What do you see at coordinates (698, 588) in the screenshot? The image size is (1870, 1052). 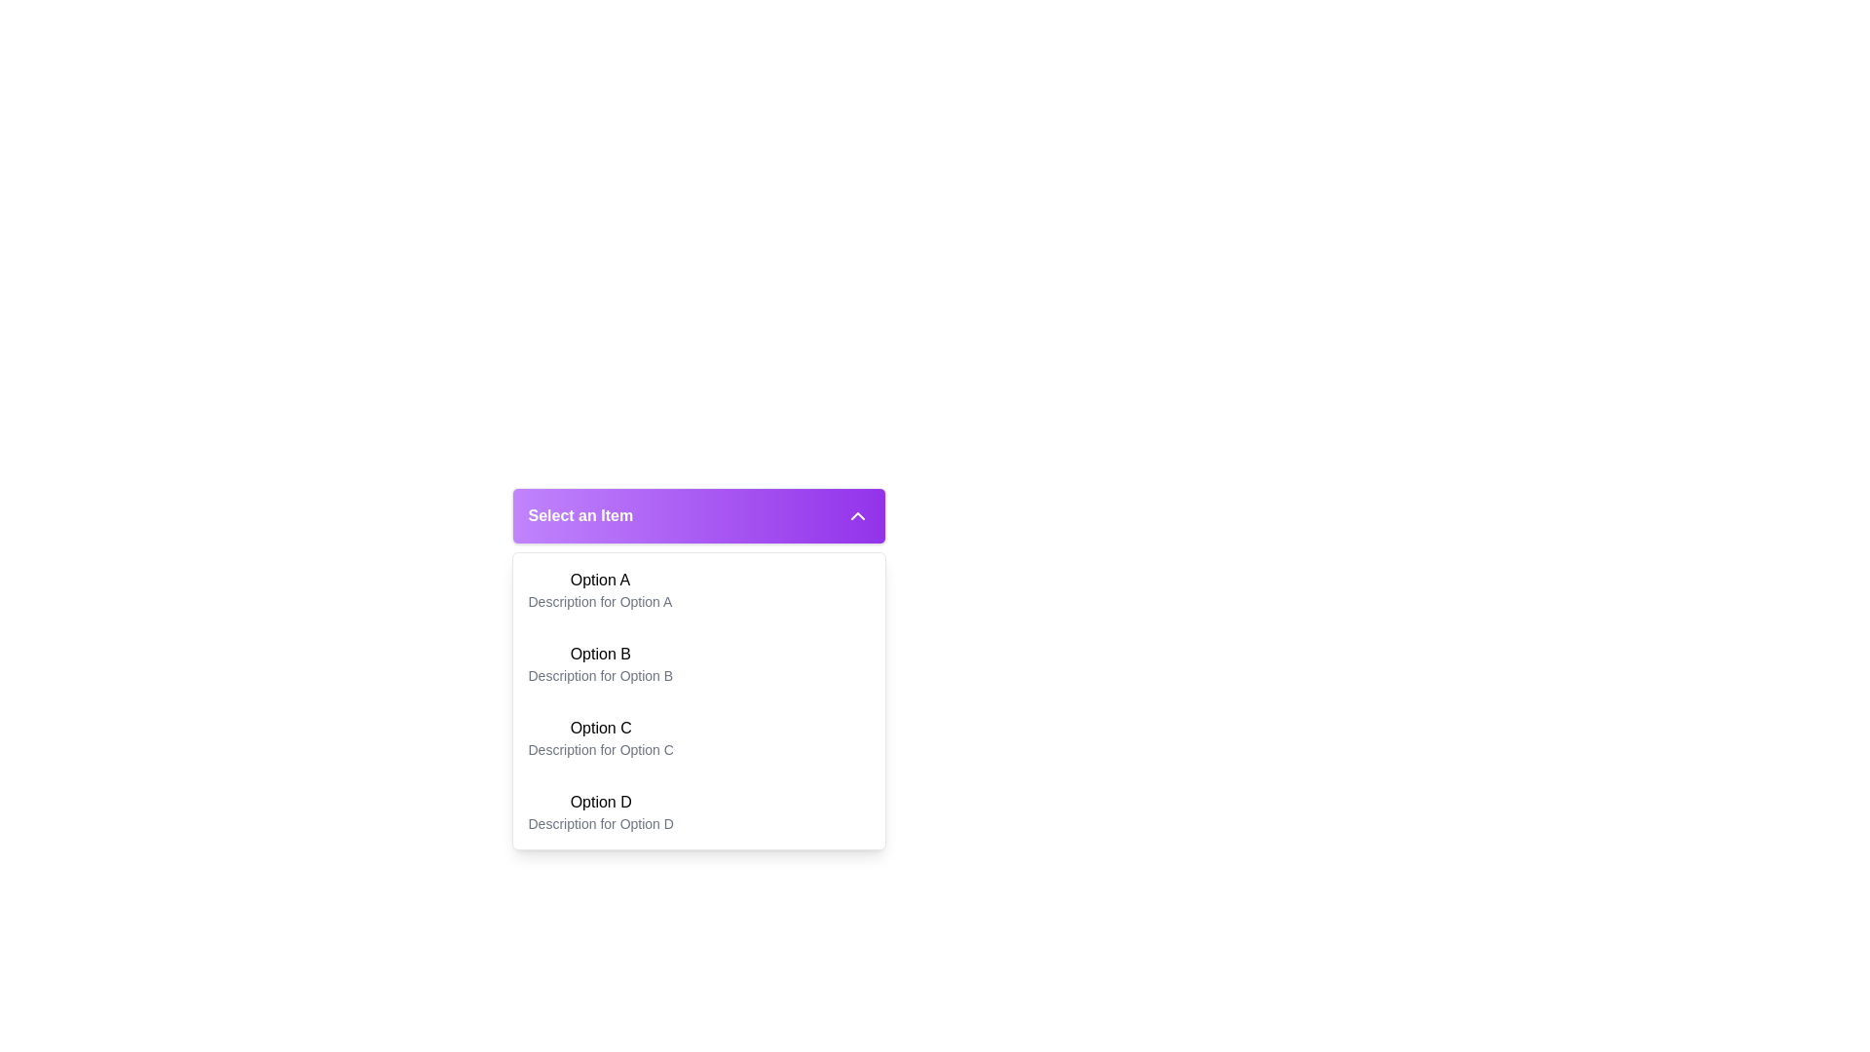 I see `the first item in the dropdown menu` at bounding box center [698, 588].